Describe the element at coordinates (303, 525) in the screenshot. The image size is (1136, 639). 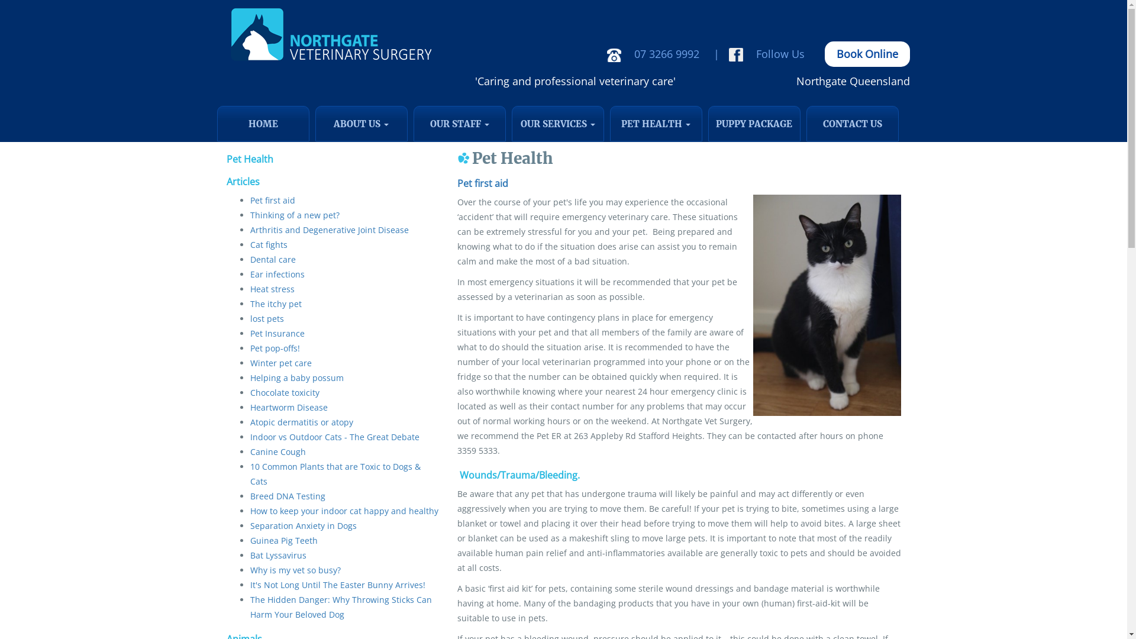
I see `'Separation Anxiety in Dogs'` at that location.